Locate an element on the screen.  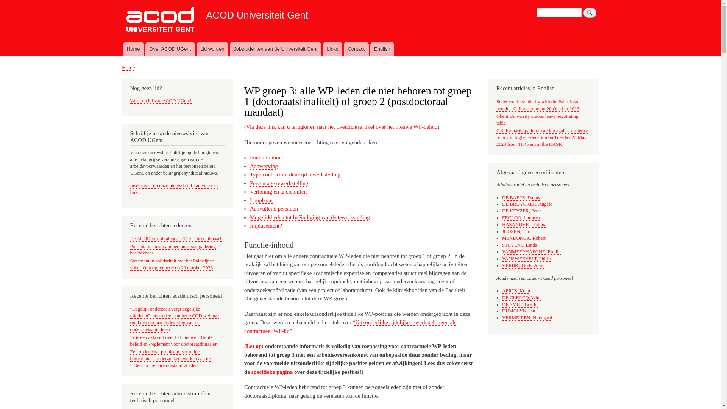
'specifieke pagina' is located at coordinates (272, 372).